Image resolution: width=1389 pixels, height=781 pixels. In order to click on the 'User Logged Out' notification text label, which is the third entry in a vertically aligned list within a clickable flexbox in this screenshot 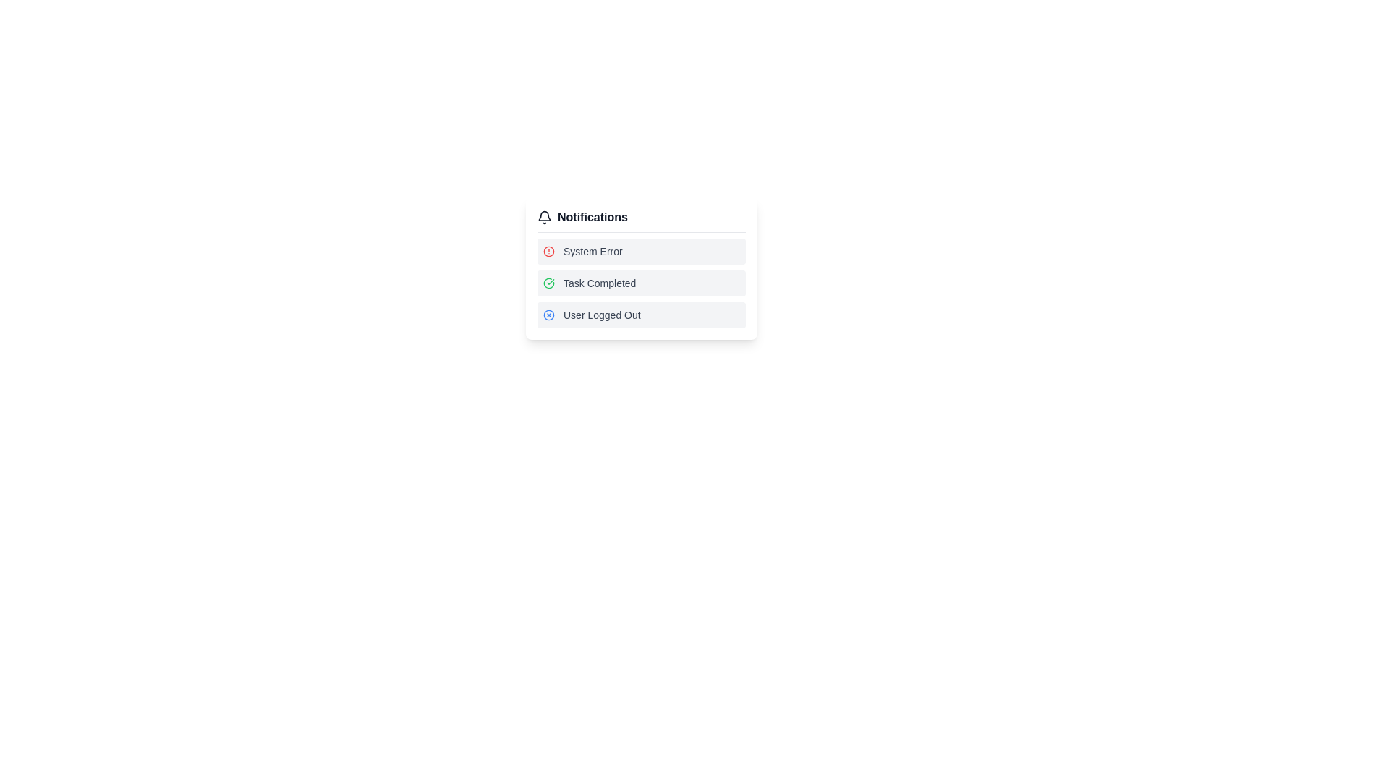, I will do `click(602, 314)`.